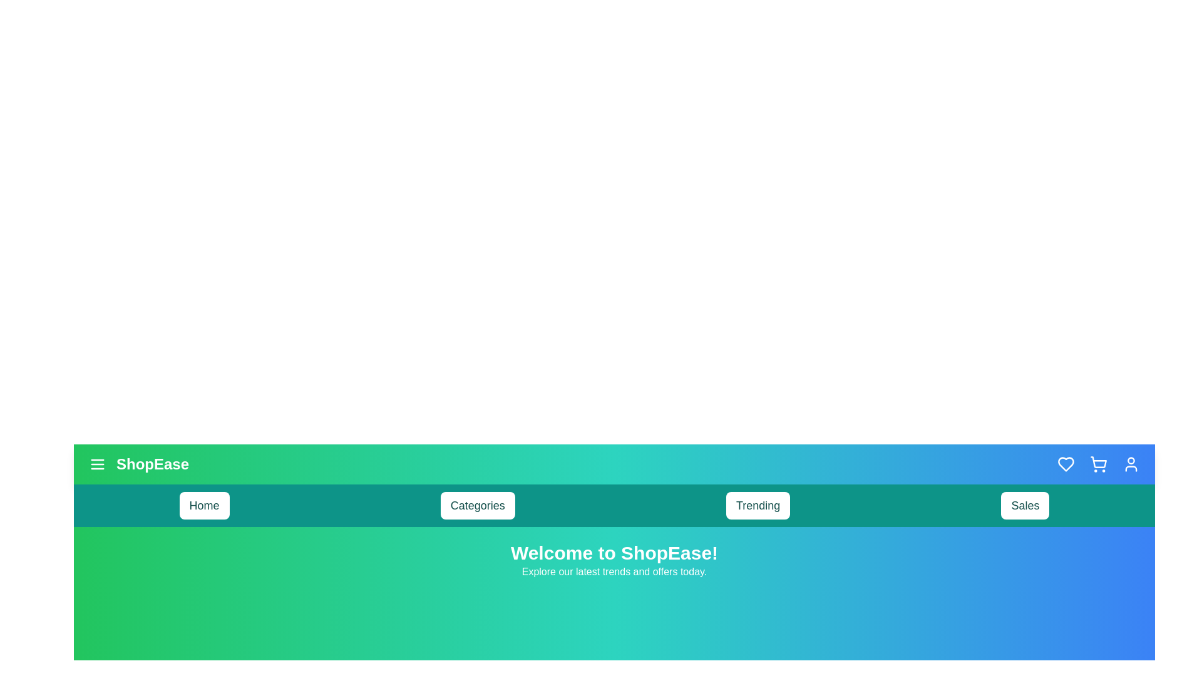  What do you see at coordinates (97, 464) in the screenshot?
I see `the menu icon to toggle the navigation menu` at bounding box center [97, 464].